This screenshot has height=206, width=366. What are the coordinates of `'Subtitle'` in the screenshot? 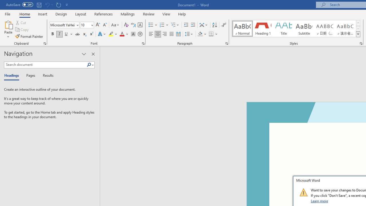 It's located at (304, 29).